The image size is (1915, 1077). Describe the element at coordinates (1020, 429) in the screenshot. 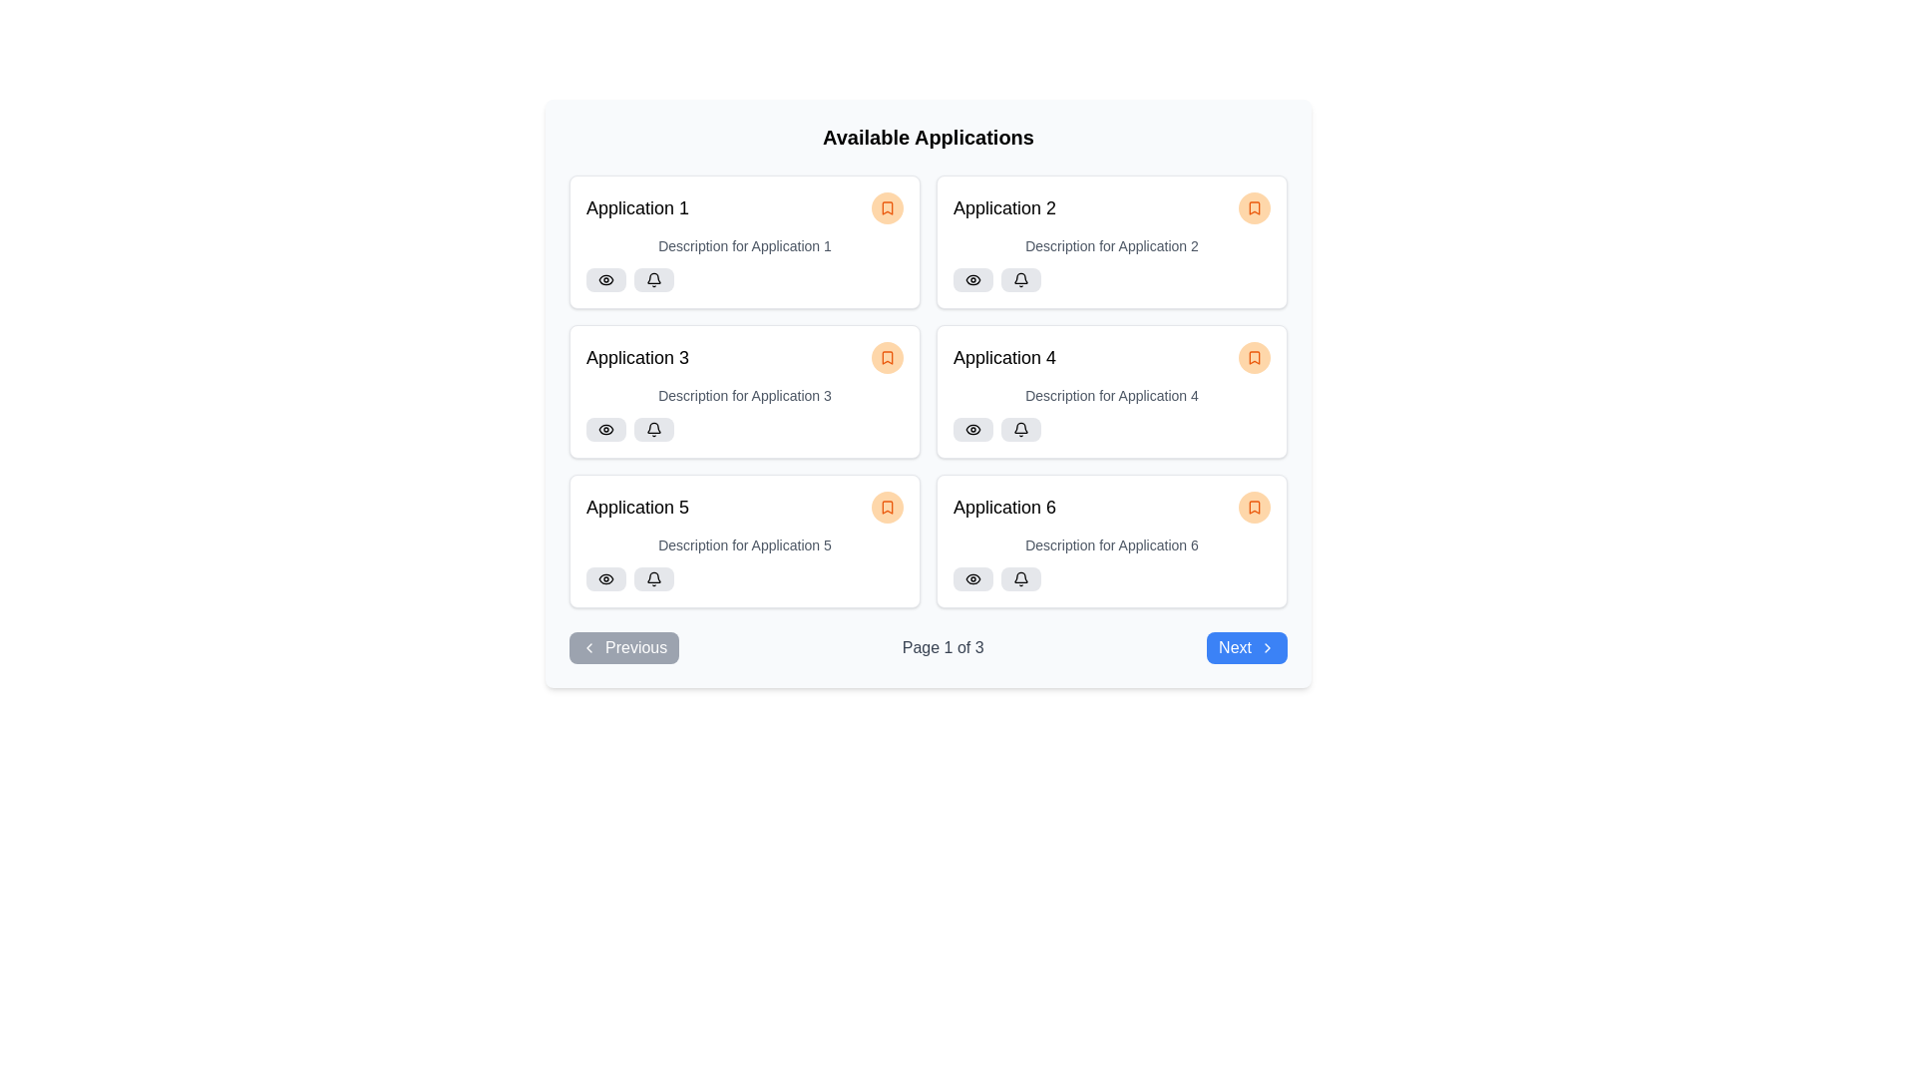

I see `the notification toggle button located in the second row under the 'Application 4' section, which is the second interactive component and positioned to the right of an eye icon` at that location.